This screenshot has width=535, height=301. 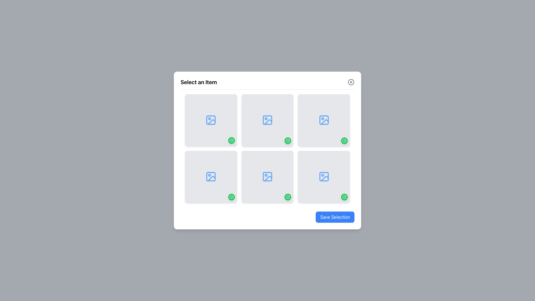 What do you see at coordinates (324, 176) in the screenshot?
I see `the blue tinted image icon representing a mountain scene, which is the fourth item in a two-row, three-column grid, located in the second row, first column` at bounding box center [324, 176].